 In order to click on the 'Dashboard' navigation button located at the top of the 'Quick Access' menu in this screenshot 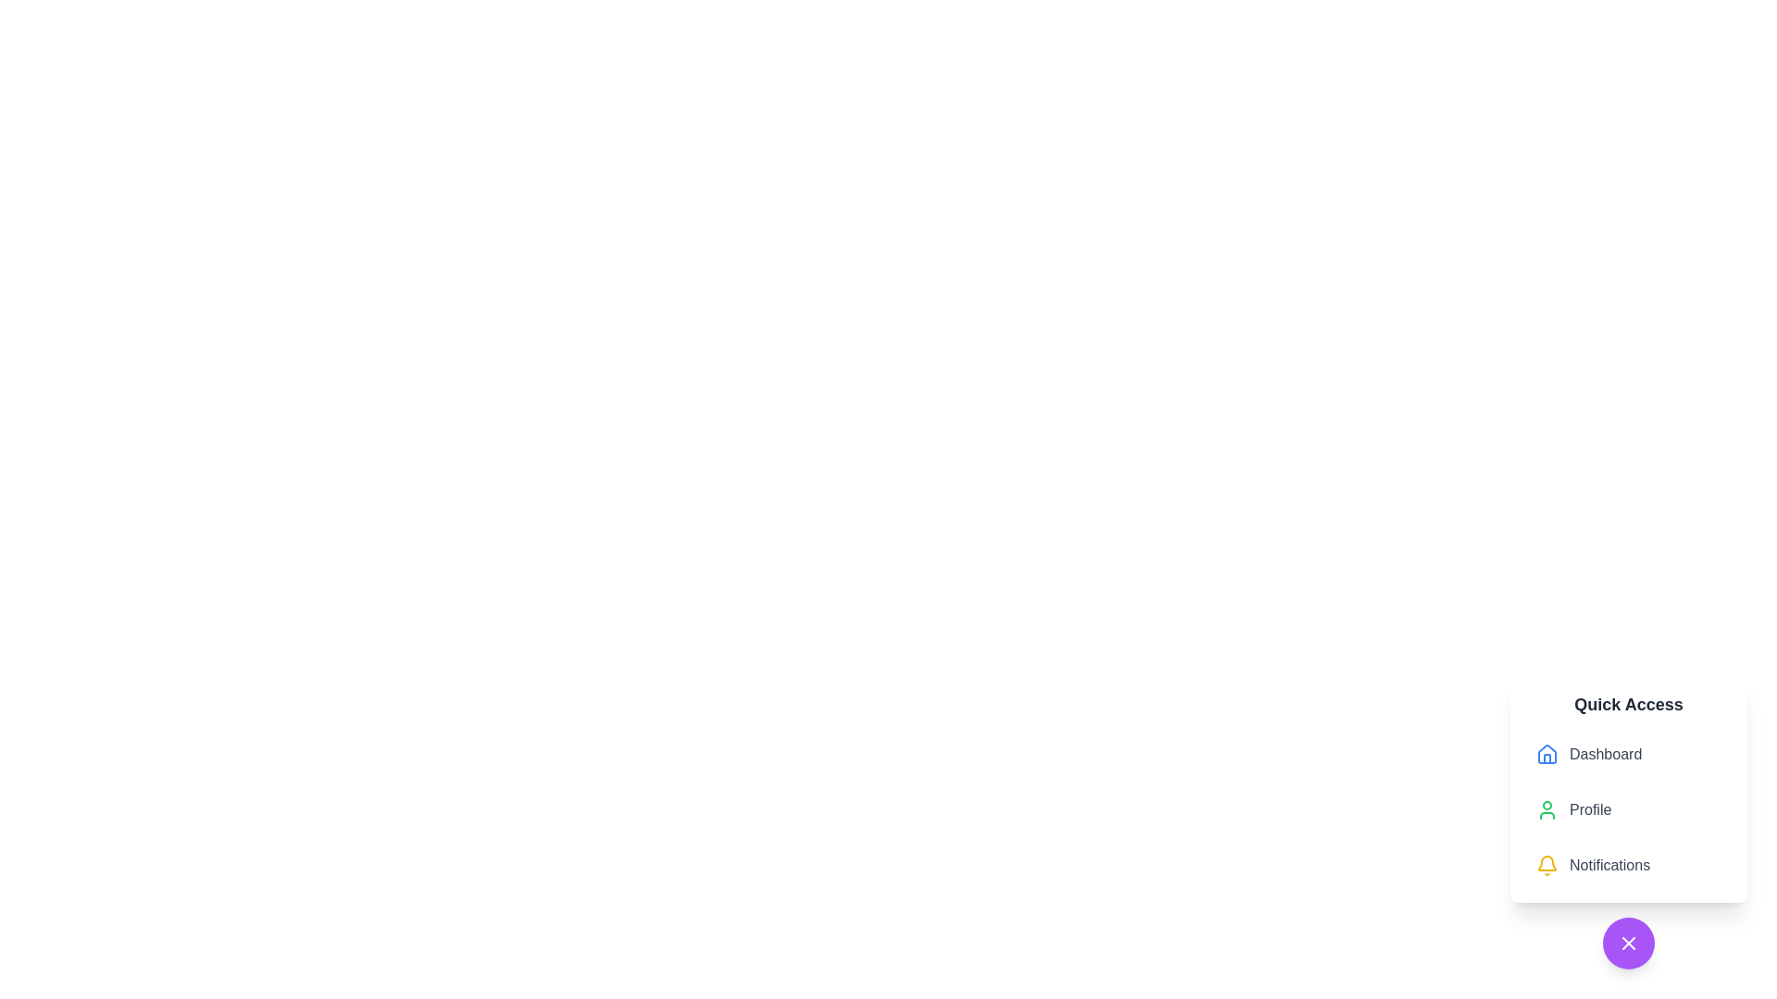, I will do `click(1629, 755)`.